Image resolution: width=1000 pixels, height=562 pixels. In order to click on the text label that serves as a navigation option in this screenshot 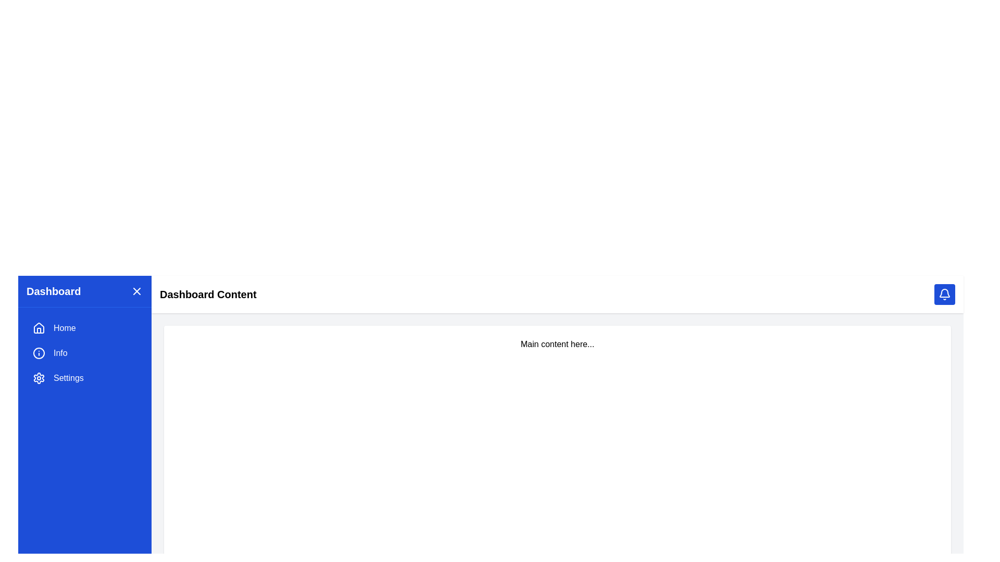, I will do `click(68, 378)`.